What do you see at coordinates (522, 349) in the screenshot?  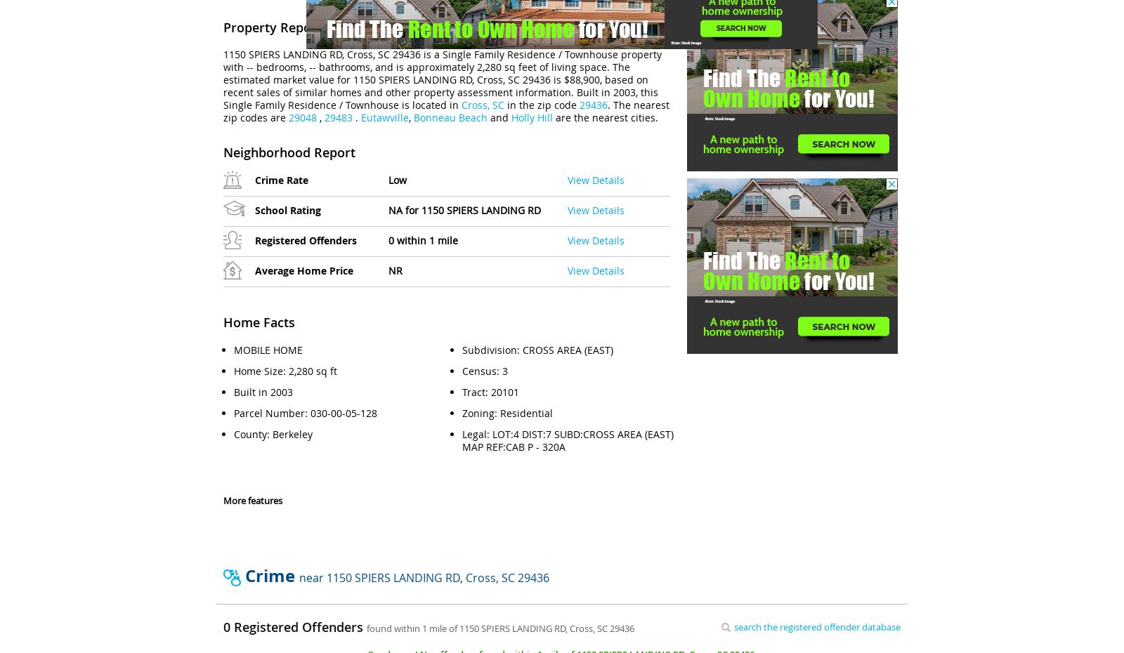 I see `'CROSS AREA (EAST)'` at bounding box center [522, 349].